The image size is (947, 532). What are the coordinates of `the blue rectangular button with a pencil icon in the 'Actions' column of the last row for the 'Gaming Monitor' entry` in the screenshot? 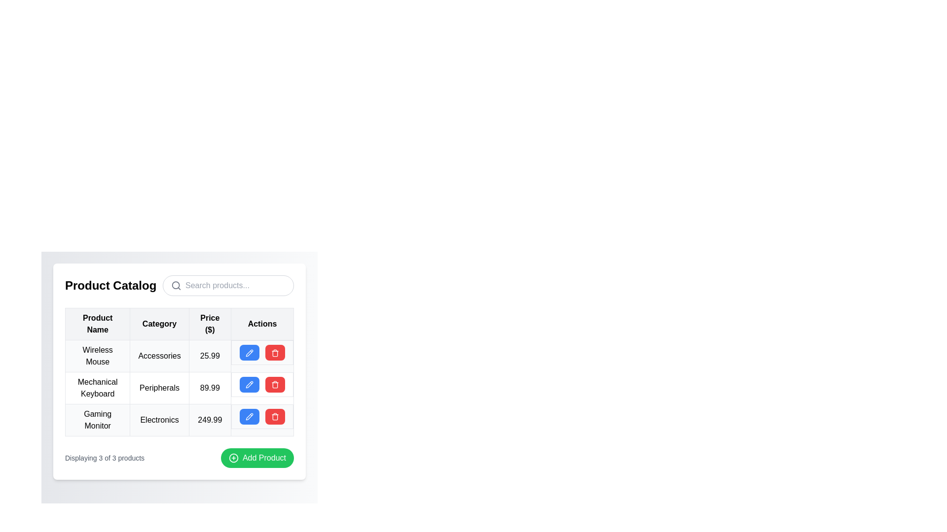 It's located at (249, 416).